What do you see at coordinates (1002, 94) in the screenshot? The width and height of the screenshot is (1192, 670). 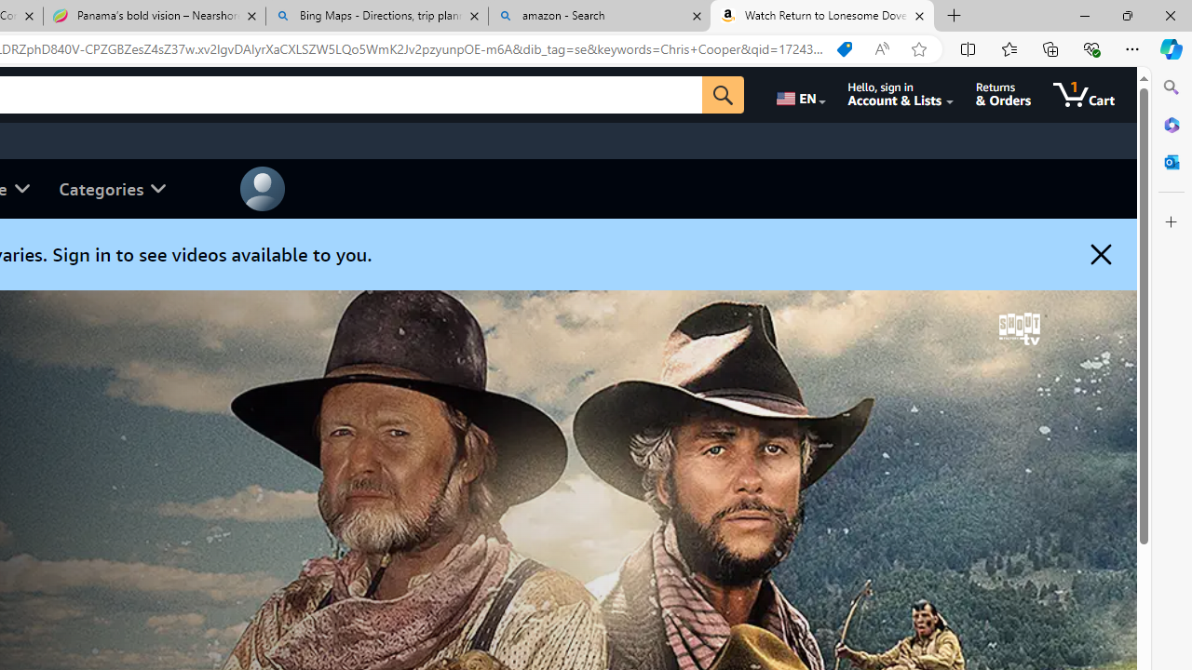 I see `'Returns & Orders'` at bounding box center [1002, 94].